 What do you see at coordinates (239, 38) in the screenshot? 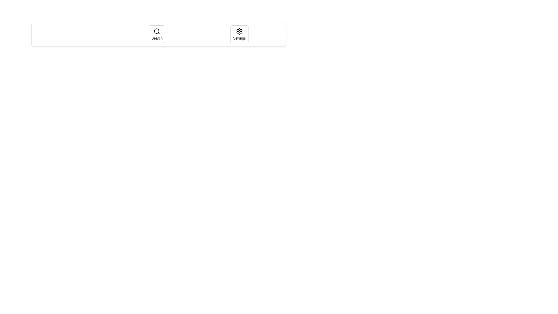
I see `the Text Label located below the gear icon in the rounded rectangular button on the right side of the menu bar` at bounding box center [239, 38].